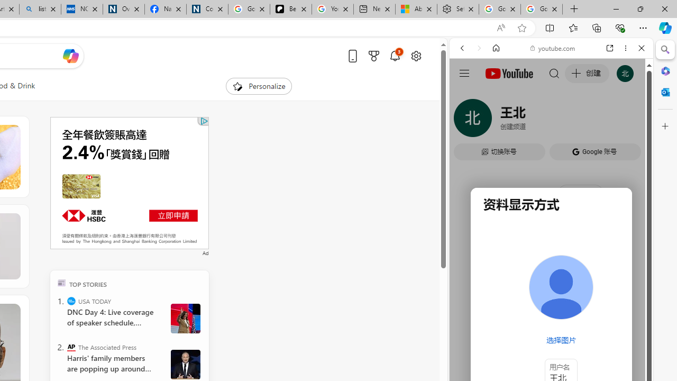 The image size is (677, 381). Describe the element at coordinates (496, 48) in the screenshot. I see `'Home'` at that location.